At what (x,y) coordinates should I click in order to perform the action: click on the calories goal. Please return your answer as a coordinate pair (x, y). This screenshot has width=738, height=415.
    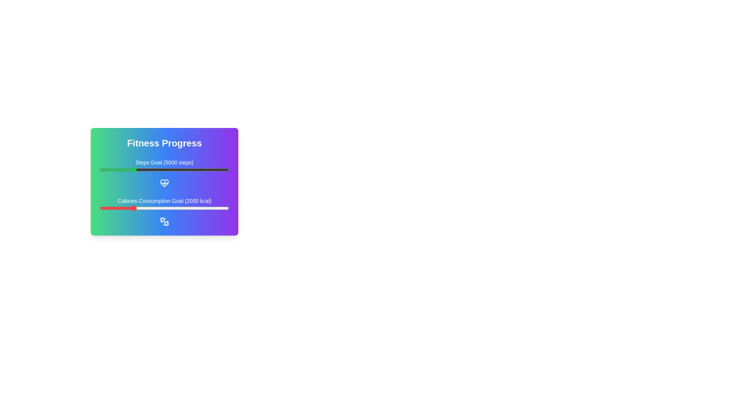
    Looking at the image, I should click on (215, 208).